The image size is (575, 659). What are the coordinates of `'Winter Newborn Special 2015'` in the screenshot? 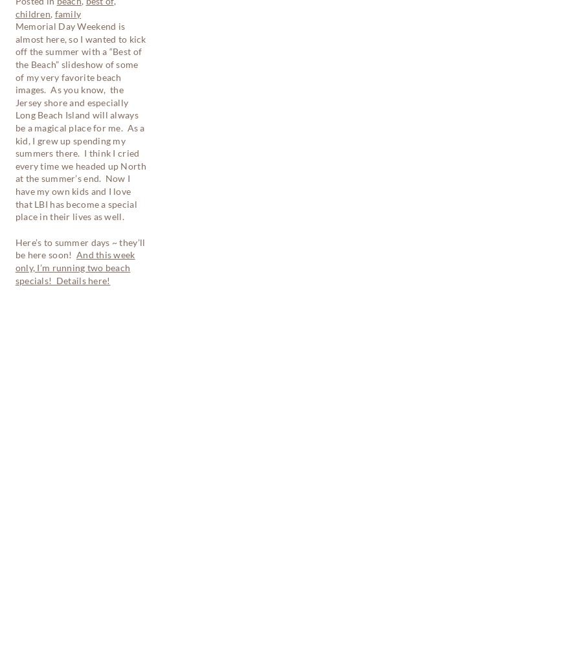 It's located at (80, 366).